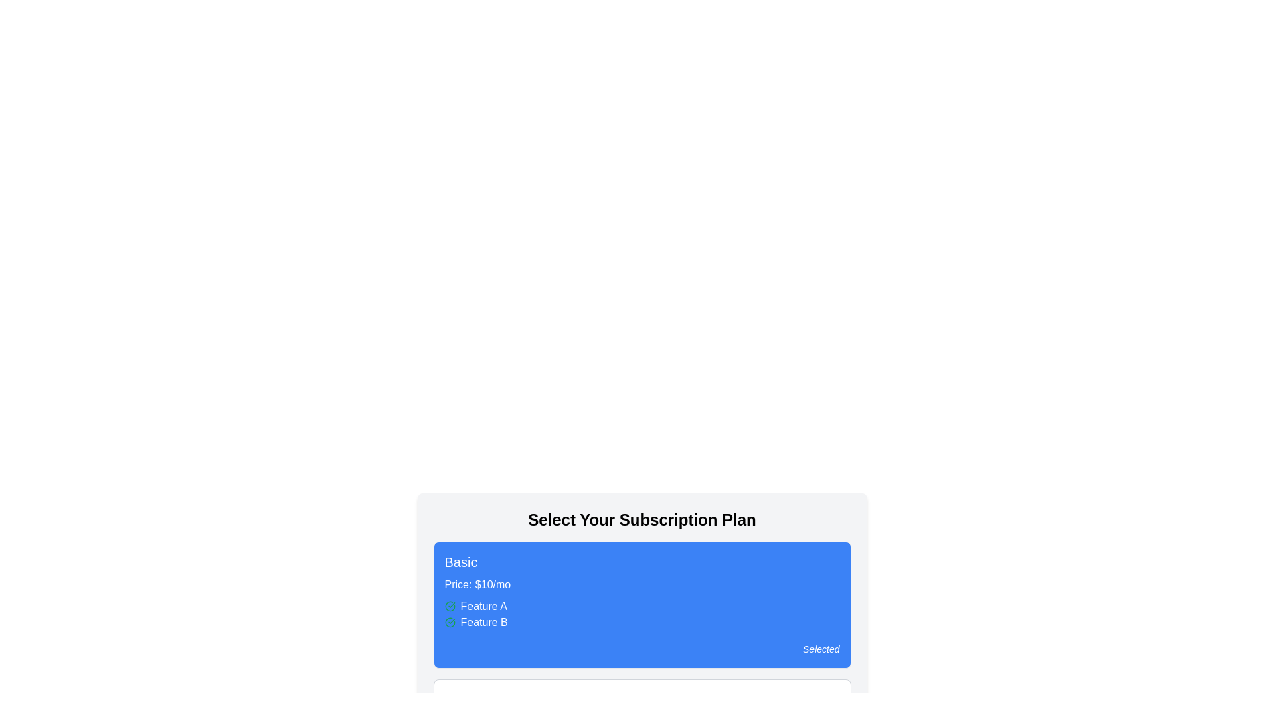 The height and width of the screenshot is (723, 1285). Describe the element at coordinates (450, 607) in the screenshot. I see `the Indicator icon that indicates the status of 'Feature A' in the 'Basic' subscription plan, located to the left of the text 'Feature A'` at that location.